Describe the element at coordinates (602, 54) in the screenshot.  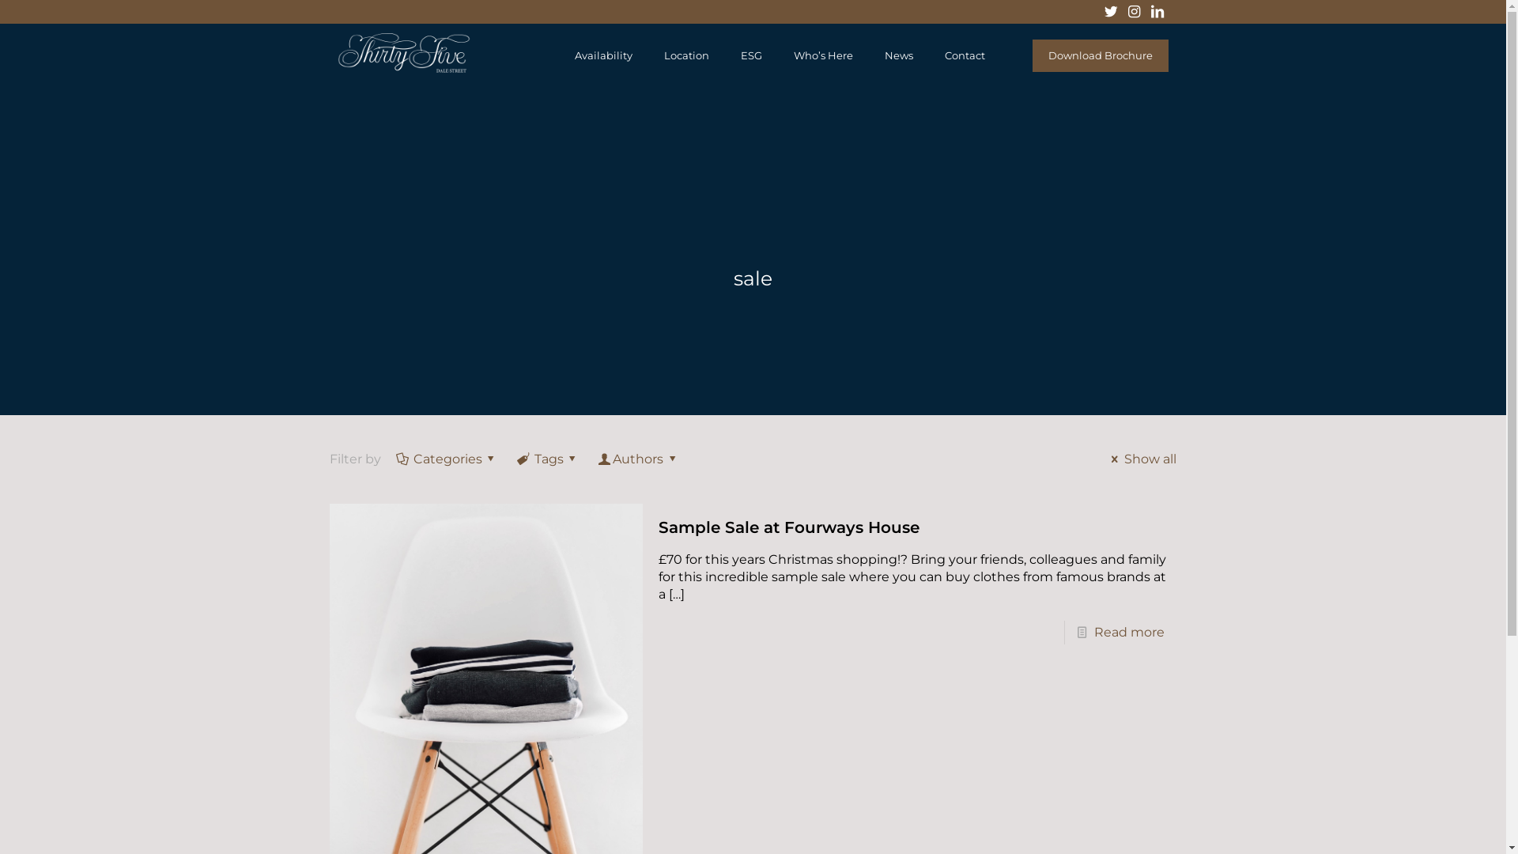
I see `'Availability'` at that location.